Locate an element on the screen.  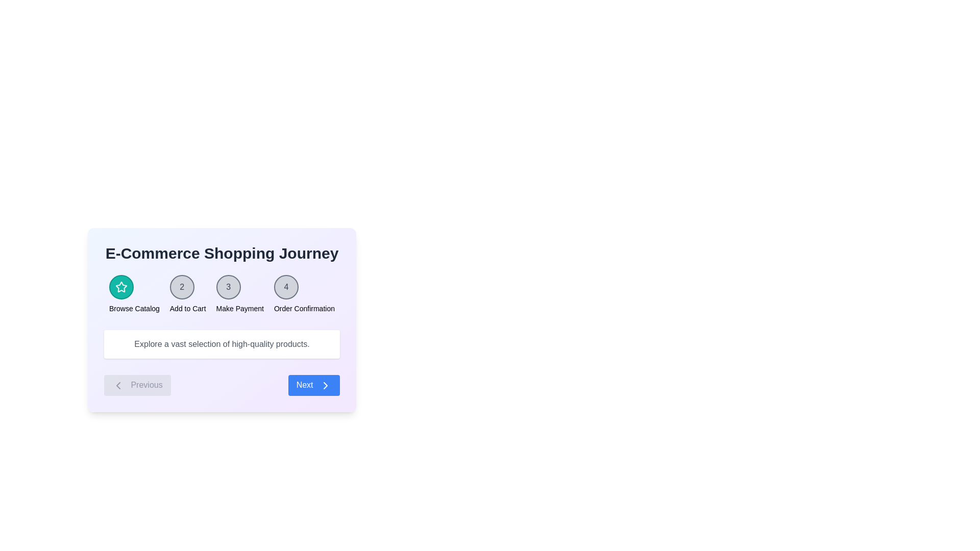
the Chevron Left icon which indicates navigation to the previous step in the step-based navigation interface is located at coordinates (118, 385).